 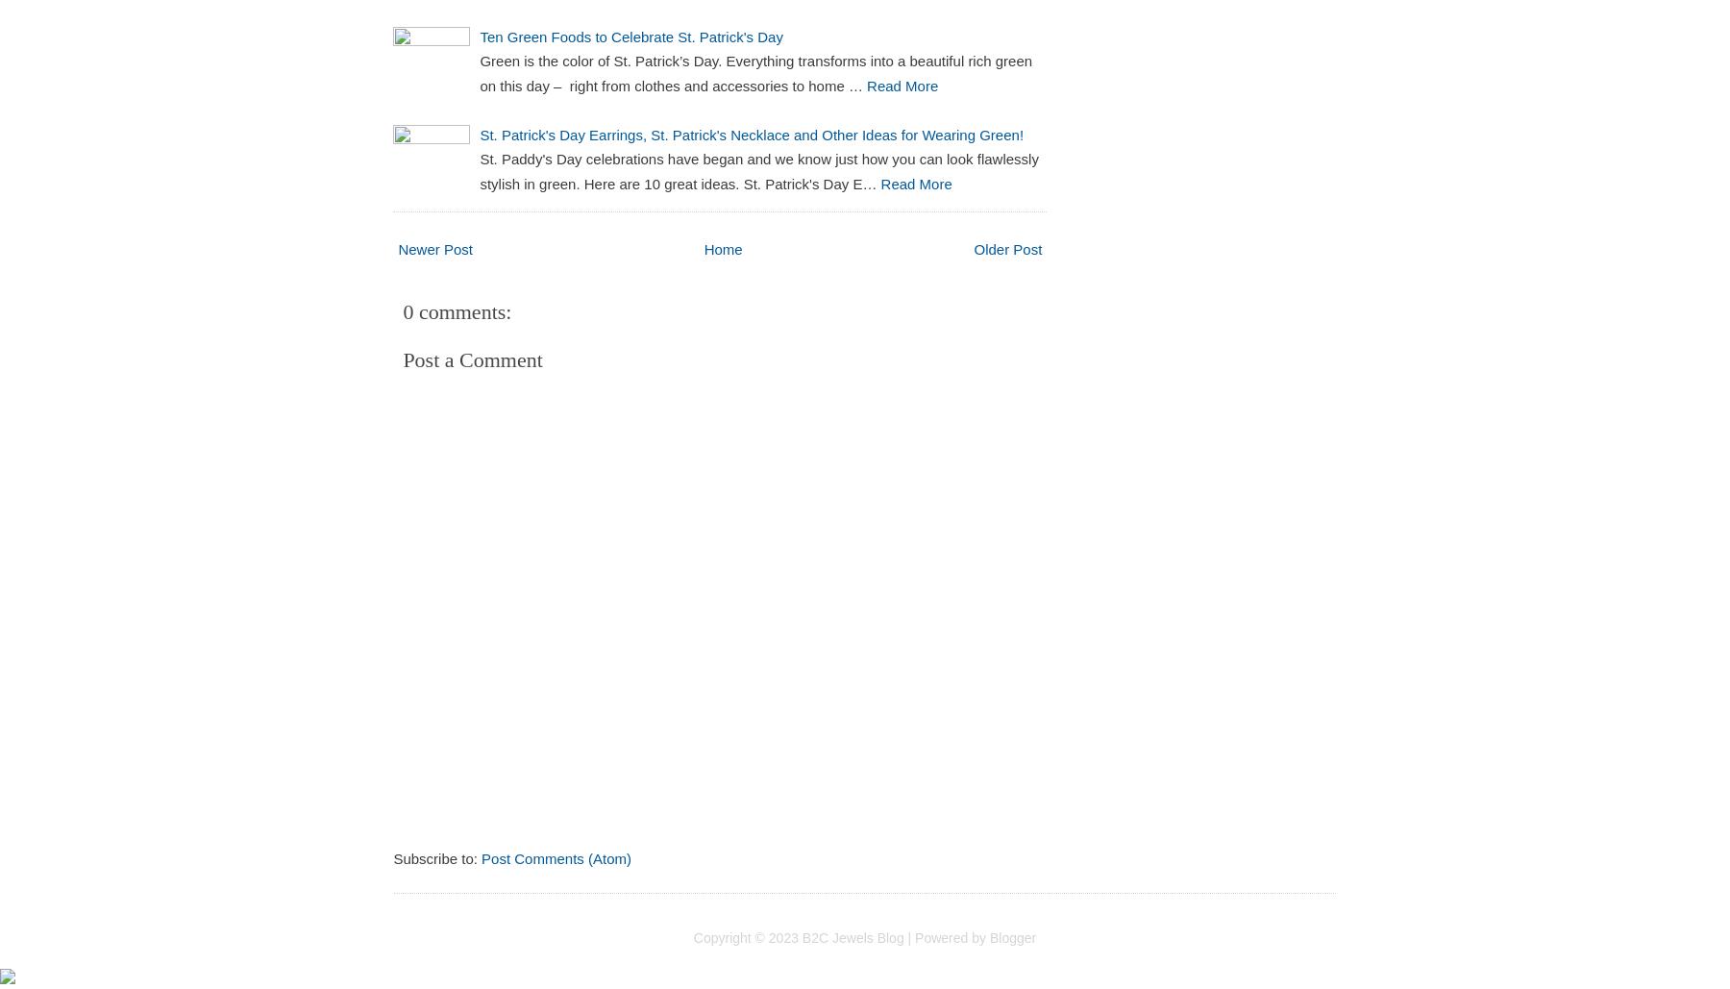 What do you see at coordinates (478, 171) in the screenshot?
I see `'St. Paddy's Day celebrations have began and we know just how you can look flawlessly stylish in green. Here are 10 great ideas. 

St. Patrick's Day E…'` at bounding box center [478, 171].